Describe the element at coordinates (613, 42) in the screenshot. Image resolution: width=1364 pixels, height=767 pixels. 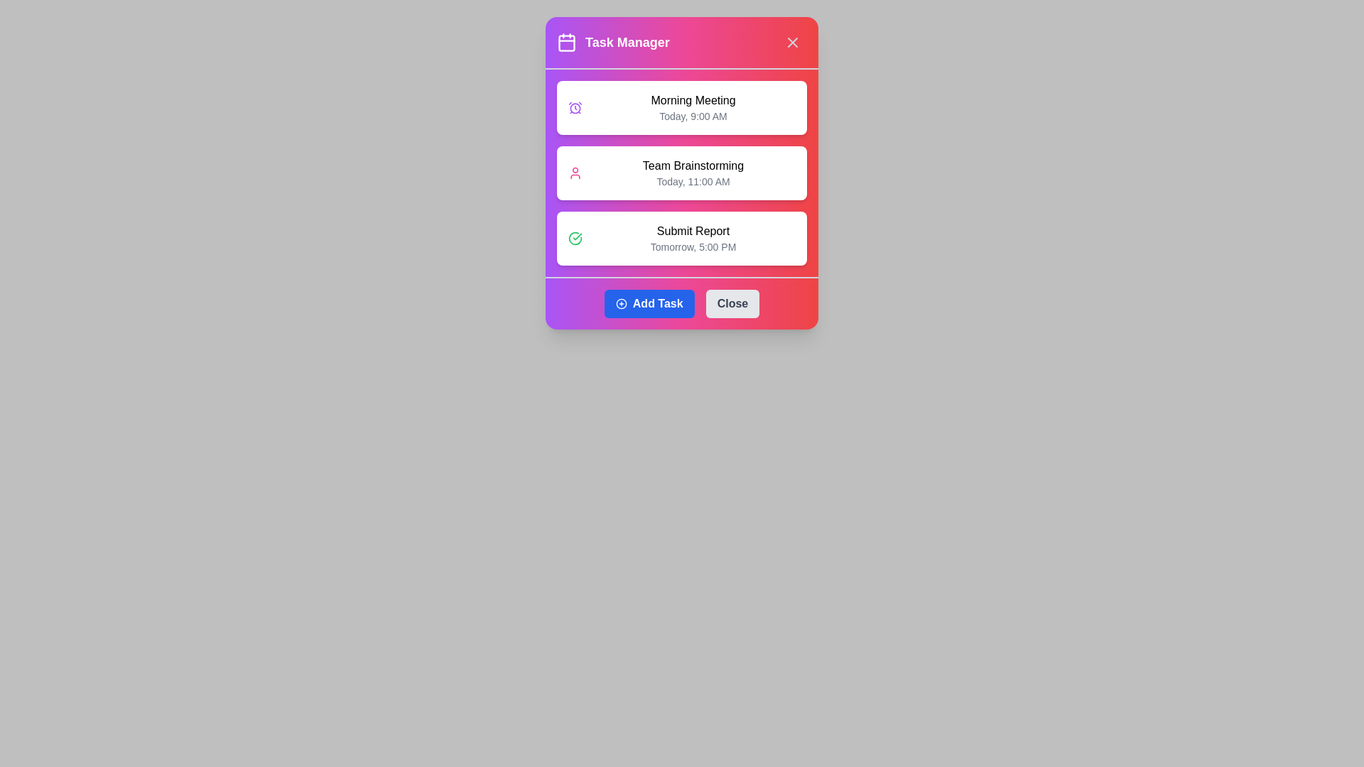
I see `the label with an accompanying icon at the top-left corner of the modal, which serves as the title or header indicating the context of the content` at that location.